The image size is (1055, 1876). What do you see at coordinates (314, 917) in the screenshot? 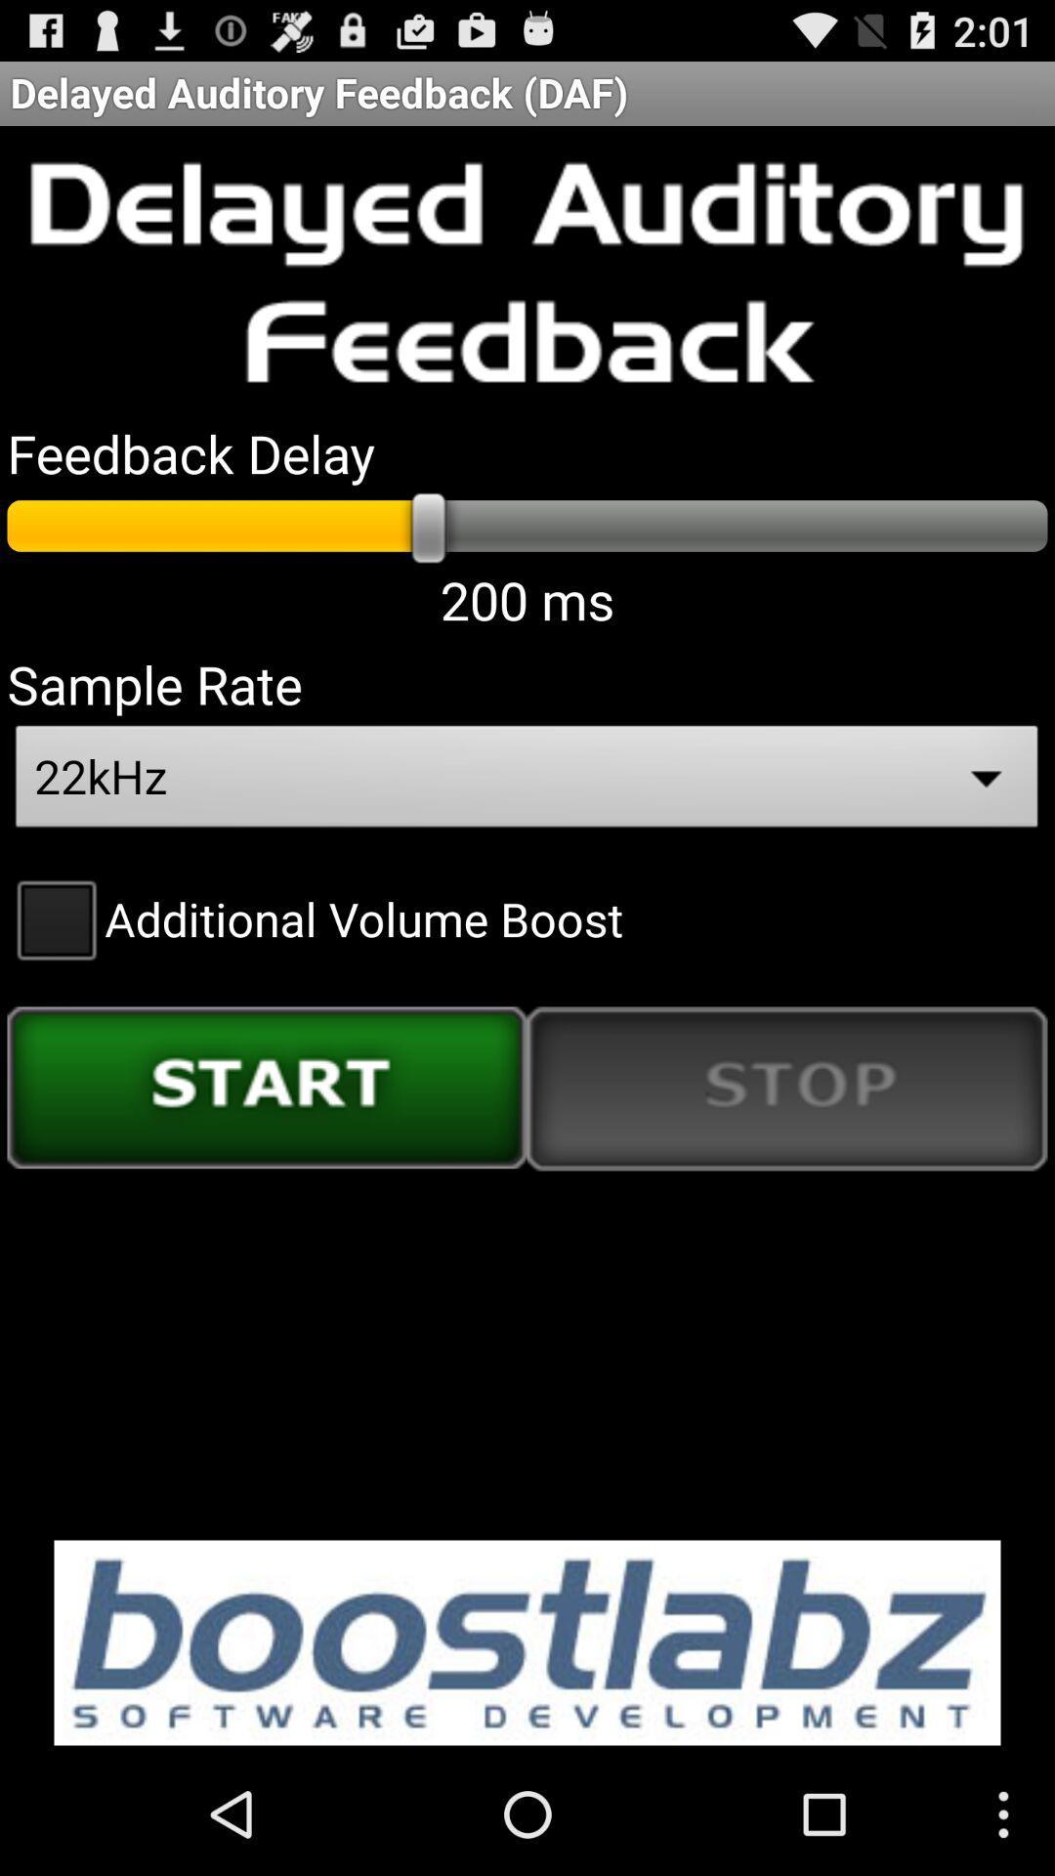
I see `additional volume boost checkbox` at bounding box center [314, 917].